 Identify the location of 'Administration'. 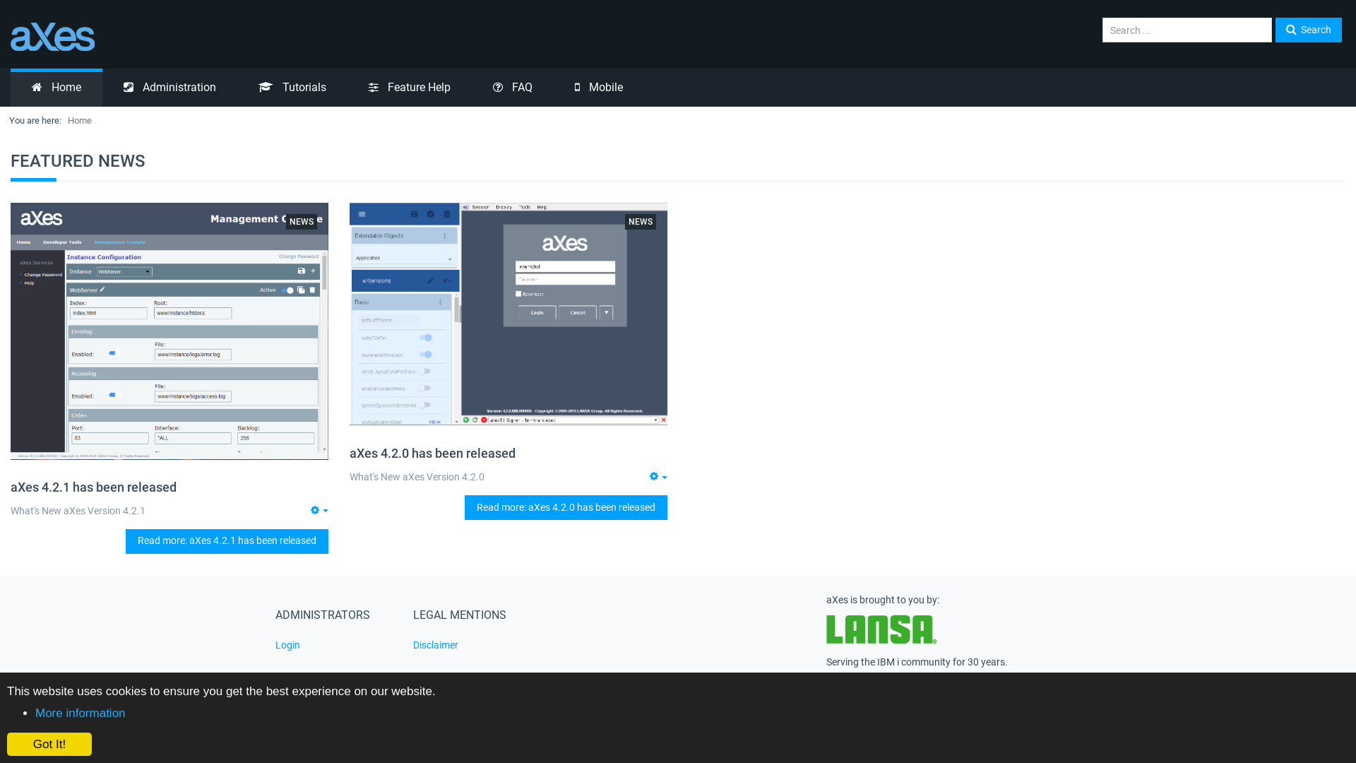
(169, 87).